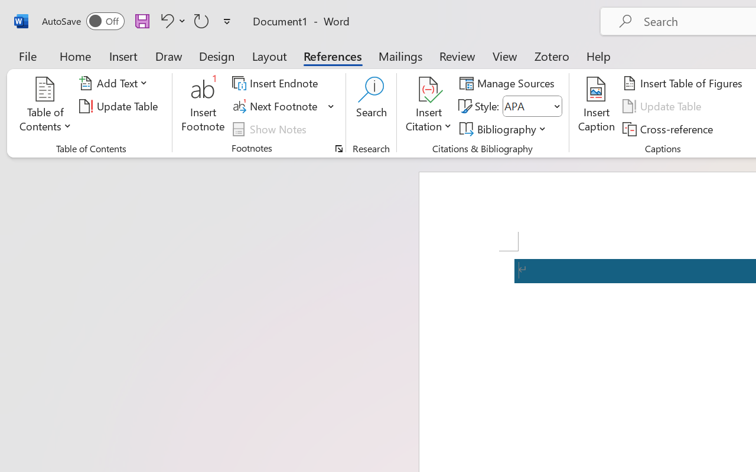 This screenshot has width=756, height=472. What do you see at coordinates (171, 20) in the screenshot?
I see `'Undo Apply Quick Style Set'` at bounding box center [171, 20].